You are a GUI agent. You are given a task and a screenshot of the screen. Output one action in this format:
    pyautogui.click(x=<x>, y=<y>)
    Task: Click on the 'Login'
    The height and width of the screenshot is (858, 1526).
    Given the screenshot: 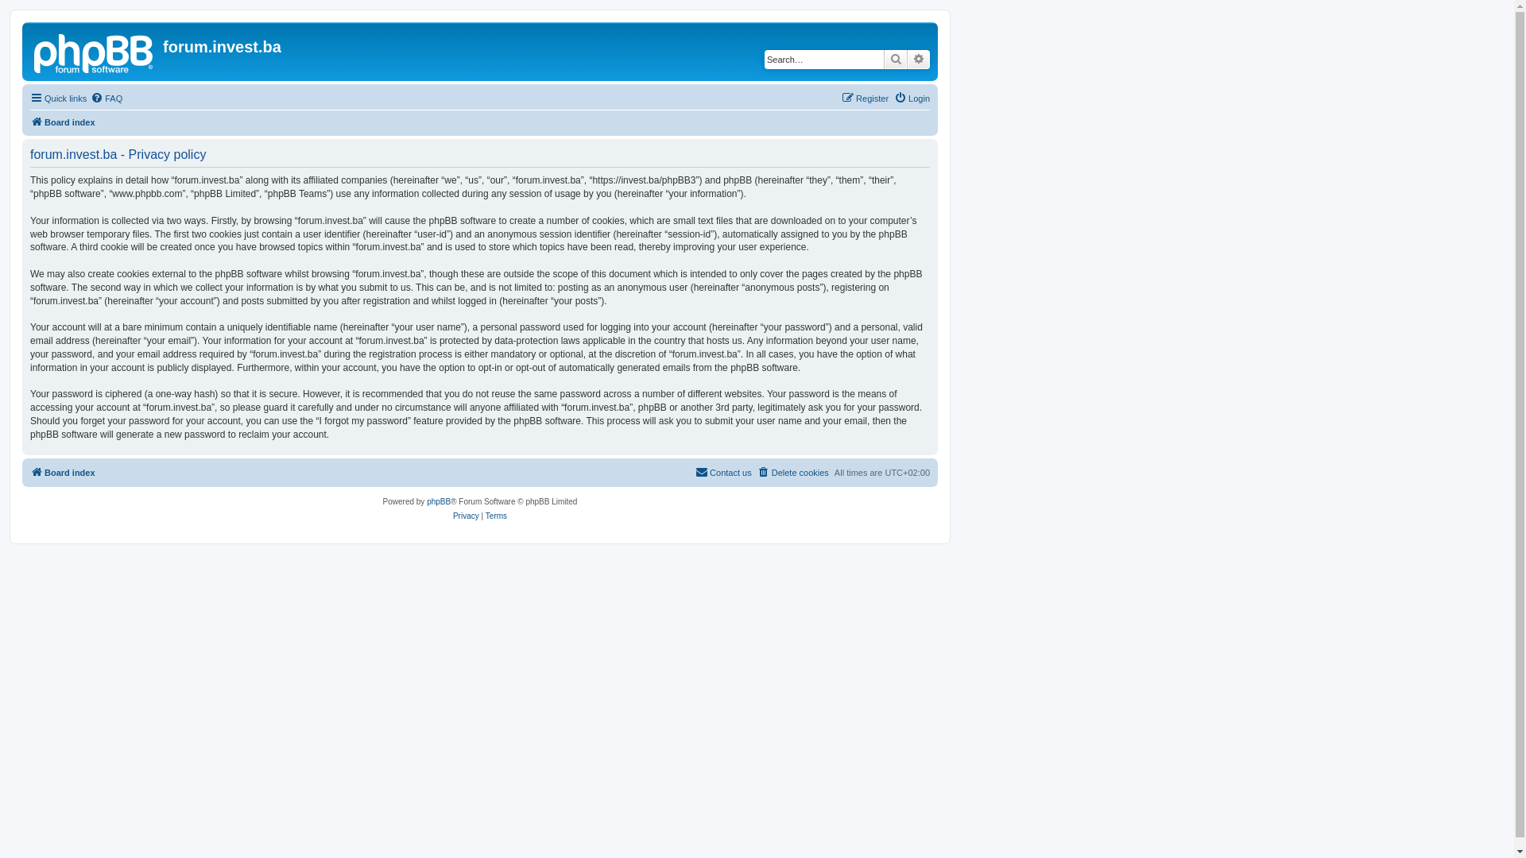 What is the action you would take?
    pyautogui.click(x=912, y=98)
    